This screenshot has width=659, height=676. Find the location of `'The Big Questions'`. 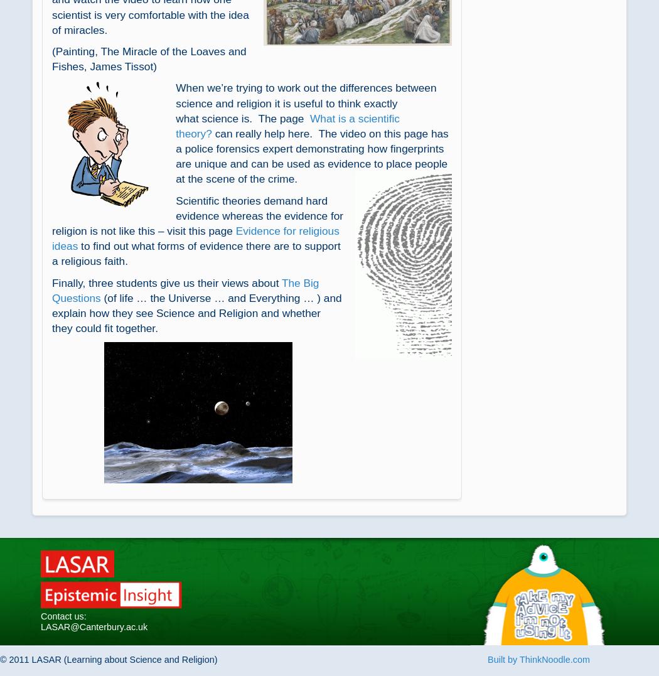

'The Big Questions' is located at coordinates (185, 290).